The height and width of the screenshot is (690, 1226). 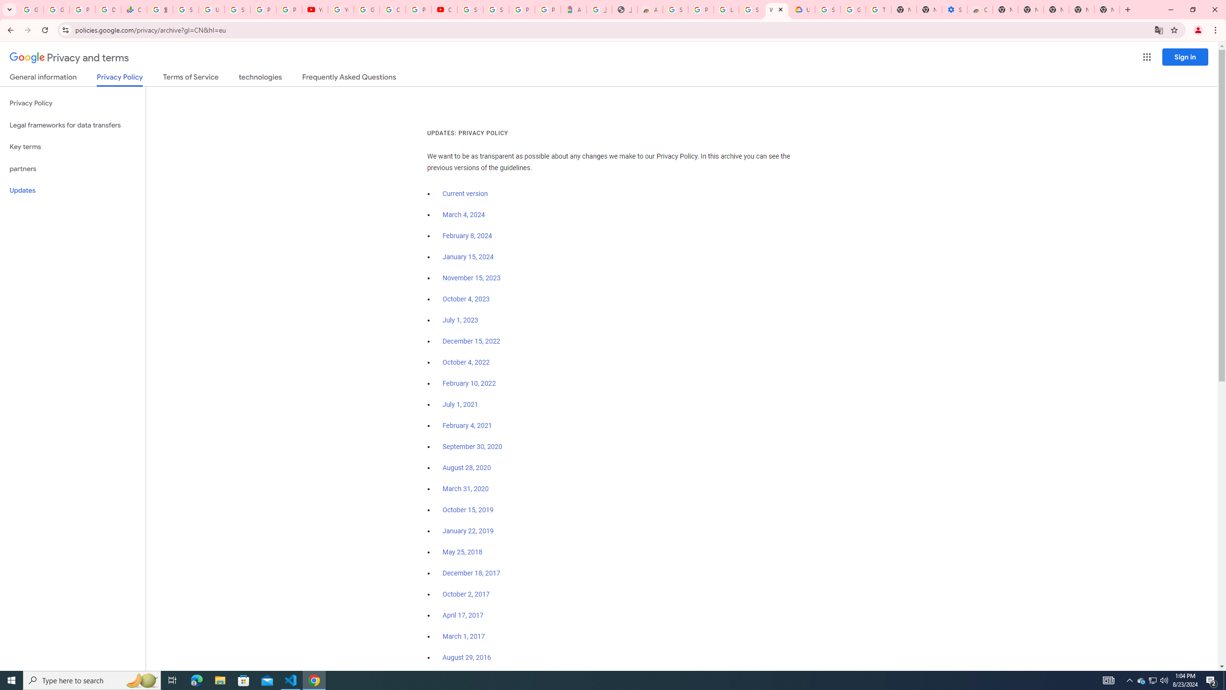 What do you see at coordinates (27, 30) in the screenshot?
I see `'Forward'` at bounding box center [27, 30].